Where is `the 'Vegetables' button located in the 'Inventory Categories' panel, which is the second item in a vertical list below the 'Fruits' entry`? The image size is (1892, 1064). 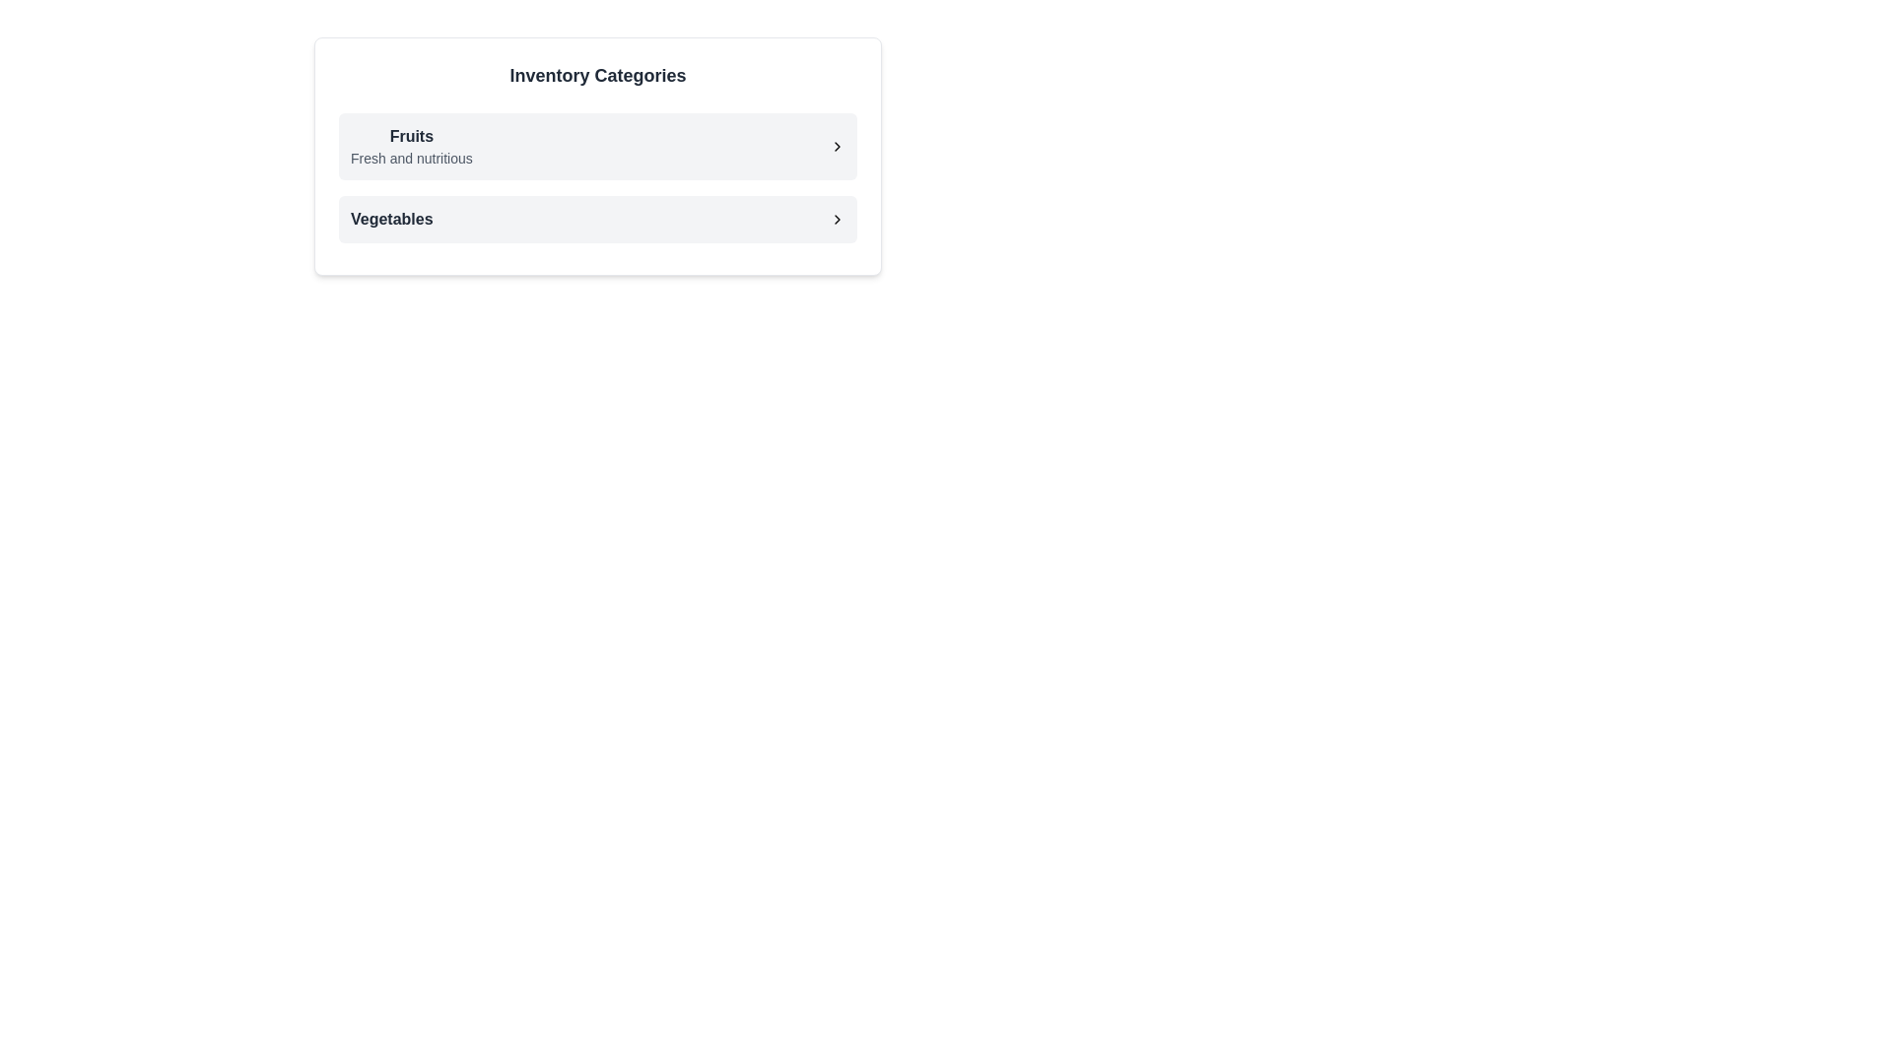
the 'Vegetables' button located in the 'Inventory Categories' panel, which is the second item in a vertical list below the 'Fruits' entry is located at coordinates (596, 220).